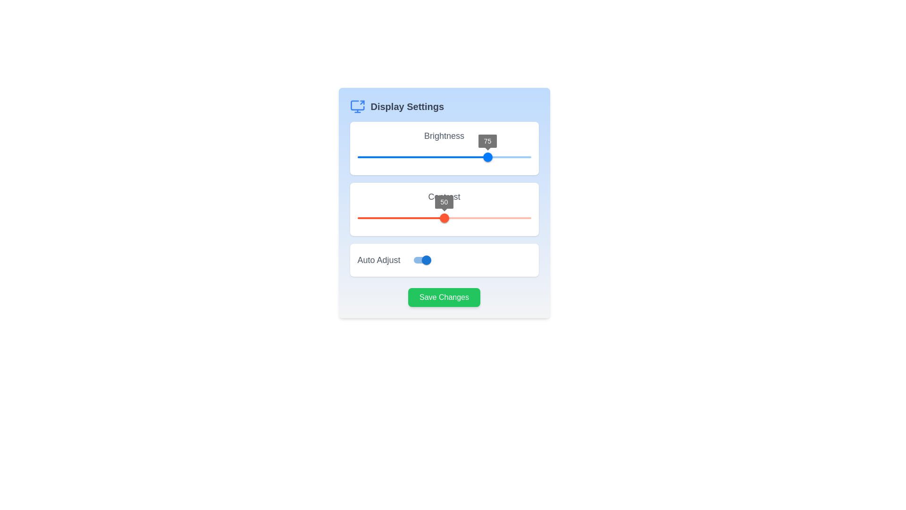 The height and width of the screenshot is (510, 906). What do you see at coordinates (426, 260) in the screenshot?
I see `the toggle switch styled checkbox labeled 'Auto Adjust'` at bounding box center [426, 260].